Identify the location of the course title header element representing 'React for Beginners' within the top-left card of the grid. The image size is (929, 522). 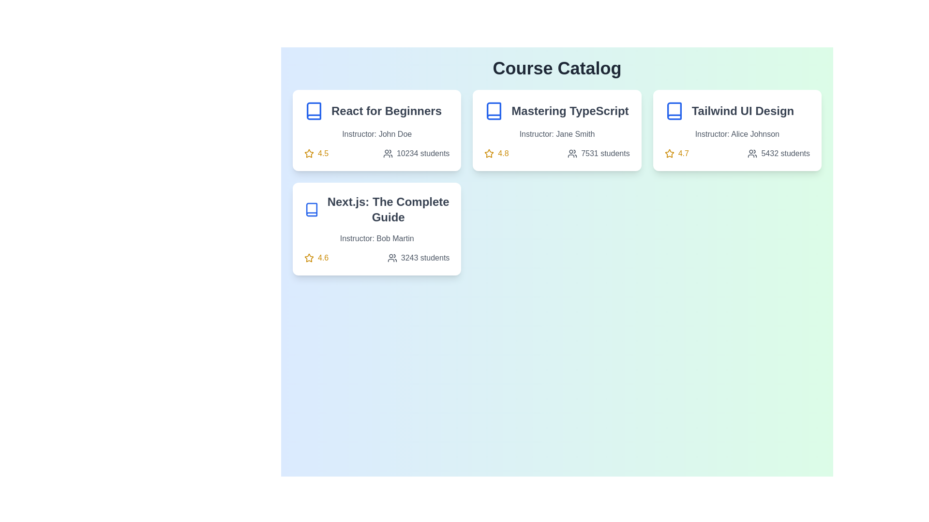
(376, 111).